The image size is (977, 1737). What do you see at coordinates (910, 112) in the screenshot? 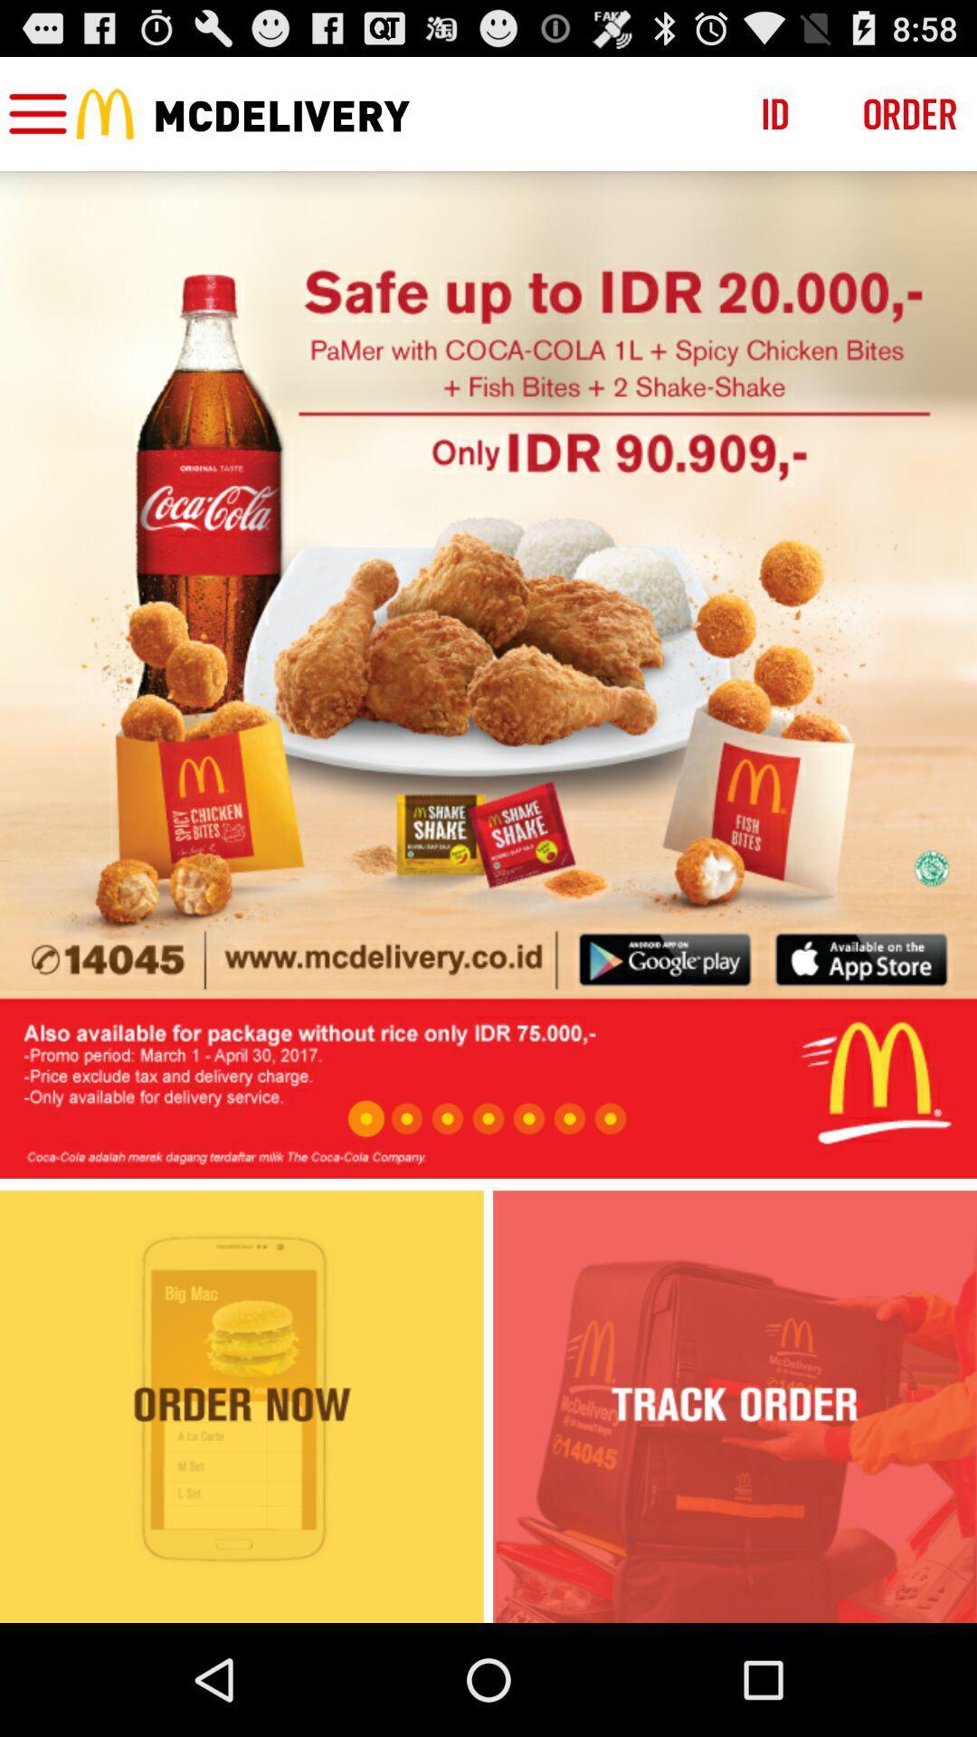
I see `the button which is next to id` at bounding box center [910, 112].